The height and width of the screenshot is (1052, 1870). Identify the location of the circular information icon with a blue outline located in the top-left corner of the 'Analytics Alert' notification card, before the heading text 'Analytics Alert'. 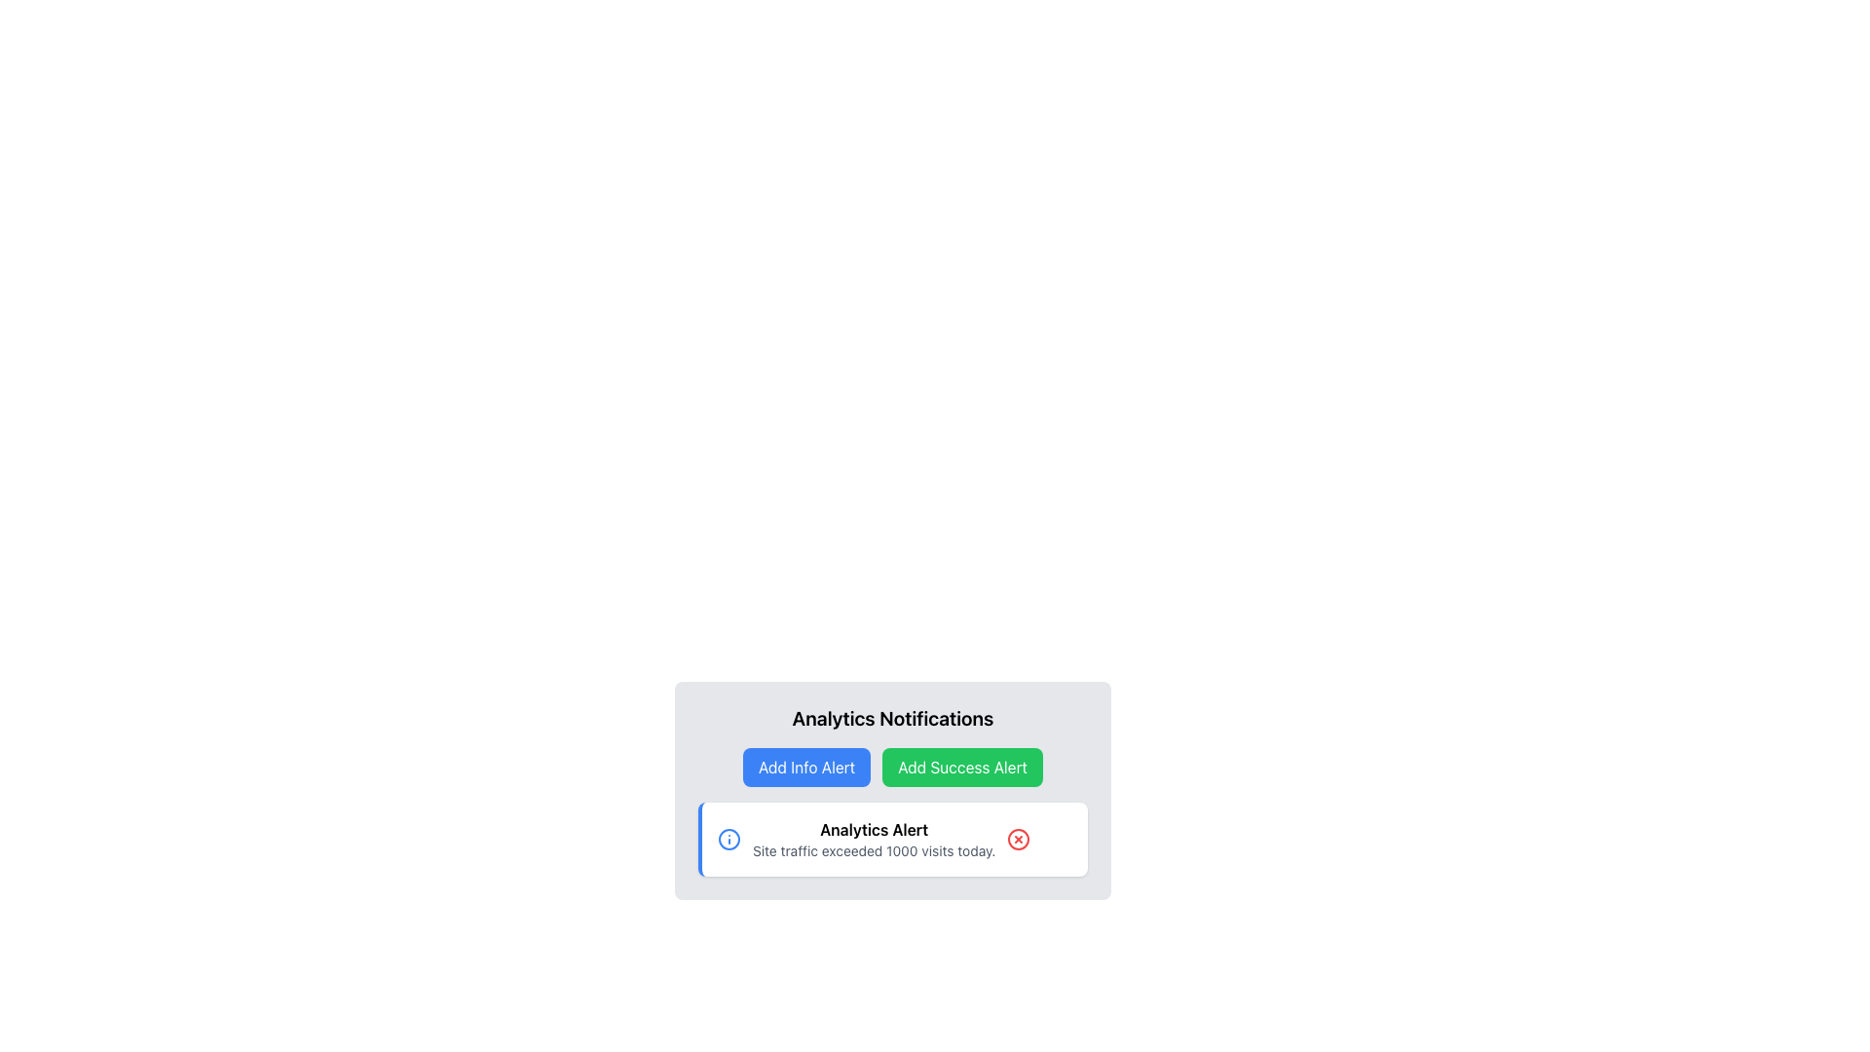
(728, 838).